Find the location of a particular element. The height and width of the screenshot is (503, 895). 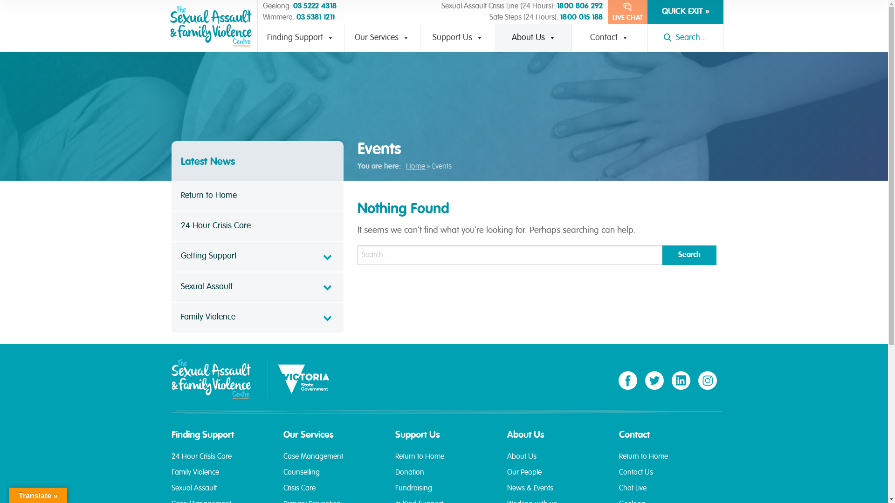

'News & Events' is located at coordinates (556, 492).